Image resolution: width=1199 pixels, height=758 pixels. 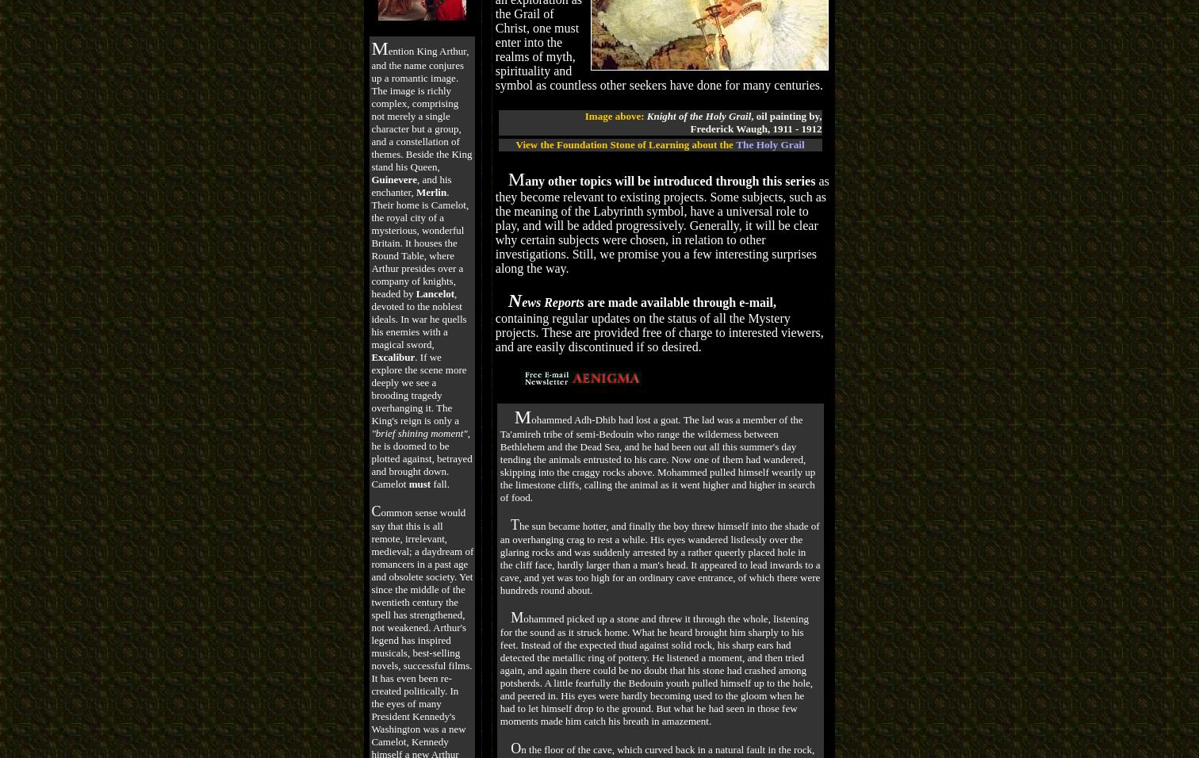 What do you see at coordinates (661, 223) in the screenshot?
I see `'as they become relevant to 
        existing projects. Some subjects, such as the meaning of the Labyrinth symbol, have 
        a universal role to play, and will be added progressively. Generally, it will be clear 
        why certain subjects were chosen, in relation to other investigations. Still, we promise 
        you a few interesting surprises along the way.'` at bounding box center [661, 223].